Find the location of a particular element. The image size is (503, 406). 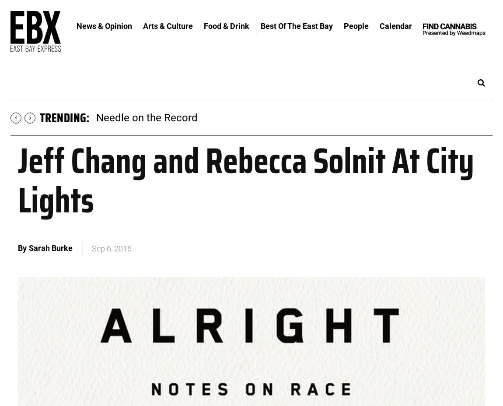

'By' is located at coordinates (17, 247).